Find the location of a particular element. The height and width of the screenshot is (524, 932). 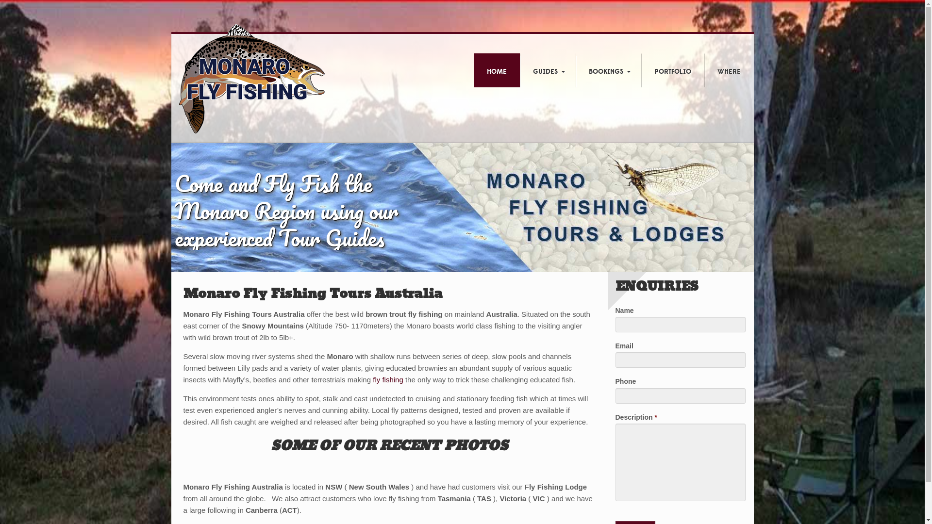

'fly fishing' is located at coordinates (387, 379).